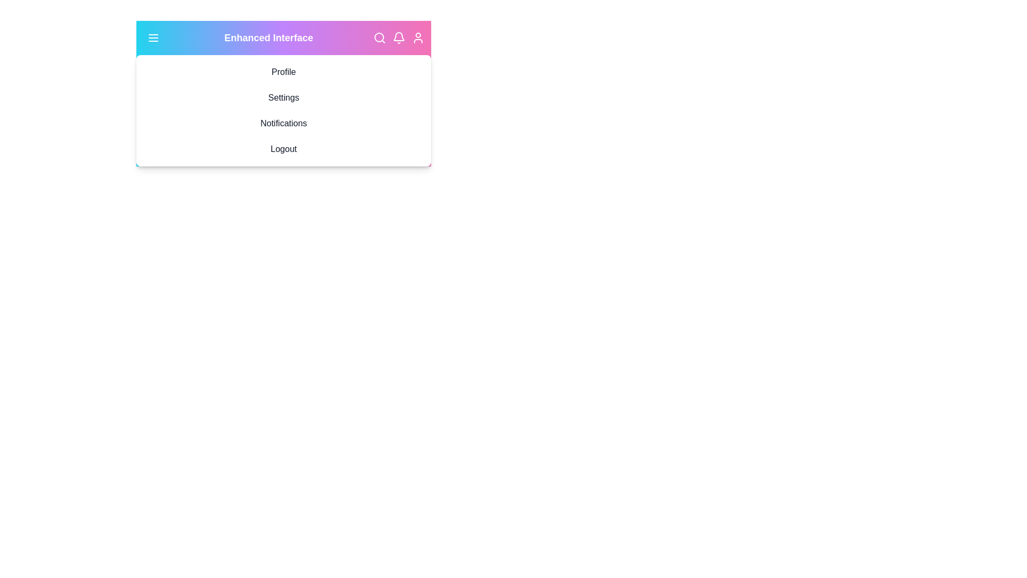 This screenshot has height=578, width=1027. I want to click on the menu option Logout to observe its hover effect, so click(283, 149).